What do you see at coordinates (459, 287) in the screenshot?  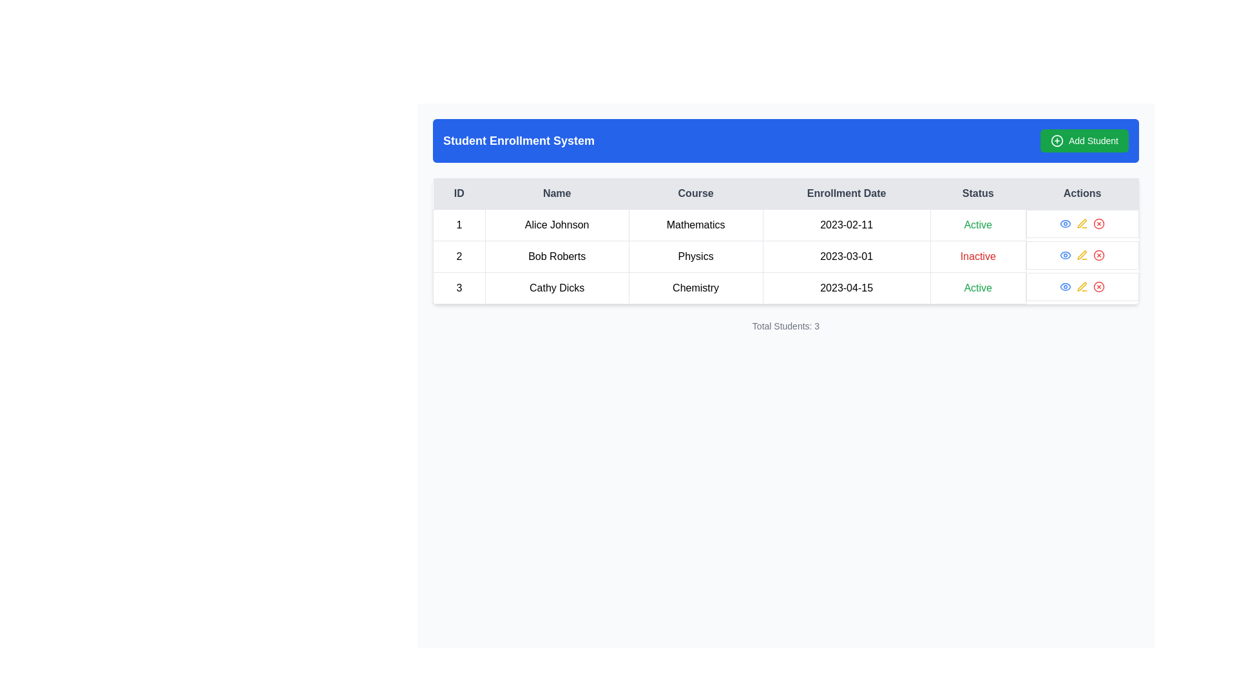 I see `the static text element containing the number '3' in the 'ID' column of the third row of the table` at bounding box center [459, 287].